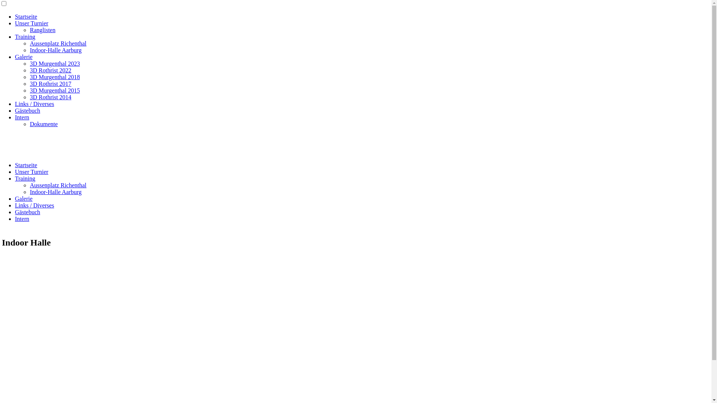  What do you see at coordinates (50, 70) in the screenshot?
I see `'3D Rothrist 2022'` at bounding box center [50, 70].